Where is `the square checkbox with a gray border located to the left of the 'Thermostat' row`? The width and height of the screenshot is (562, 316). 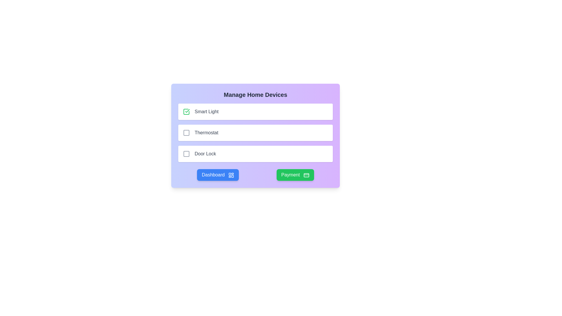 the square checkbox with a gray border located to the left of the 'Thermostat' row is located at coordinates (186, 133).